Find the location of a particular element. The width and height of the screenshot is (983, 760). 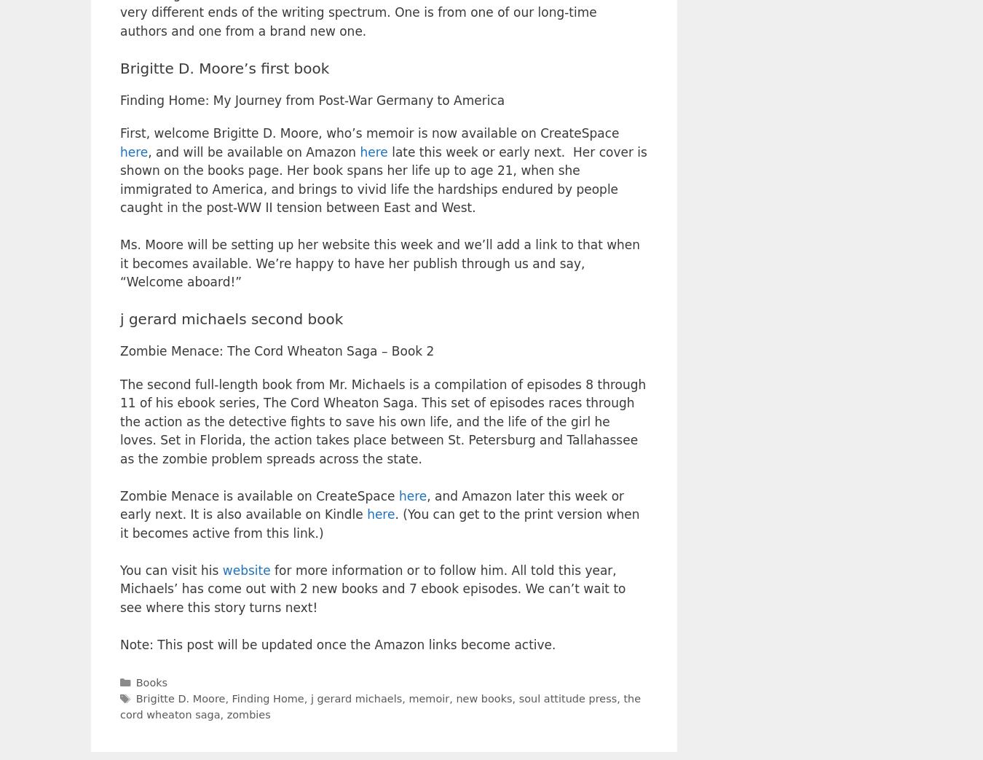

'Brigitte D. Moore' is located at coordinates (135, 697).